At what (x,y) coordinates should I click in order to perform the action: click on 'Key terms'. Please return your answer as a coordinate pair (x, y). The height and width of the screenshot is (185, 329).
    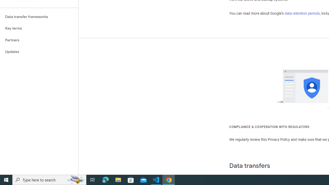
    Looking at the image, I should click on (39, 28).